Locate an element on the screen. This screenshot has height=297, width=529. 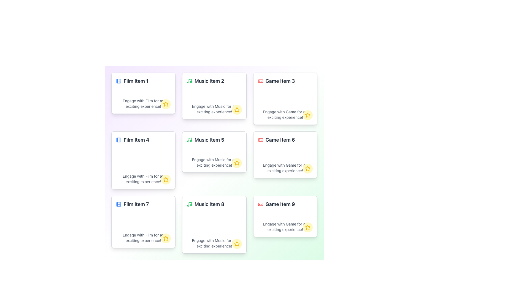
properties of the rectangular bar with rounded corners, styled with a red border, located inside the gamepad icon in the third column of the third row of a 3x3 grid layout is located at coordinates (260, 204).